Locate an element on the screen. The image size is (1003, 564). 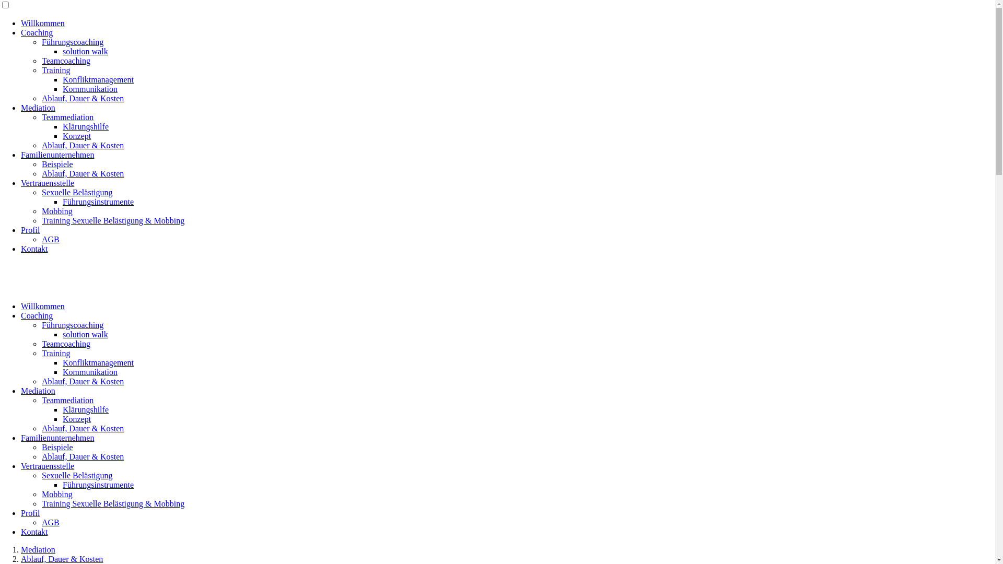
'Profil' is located at coordinates (20, 229).